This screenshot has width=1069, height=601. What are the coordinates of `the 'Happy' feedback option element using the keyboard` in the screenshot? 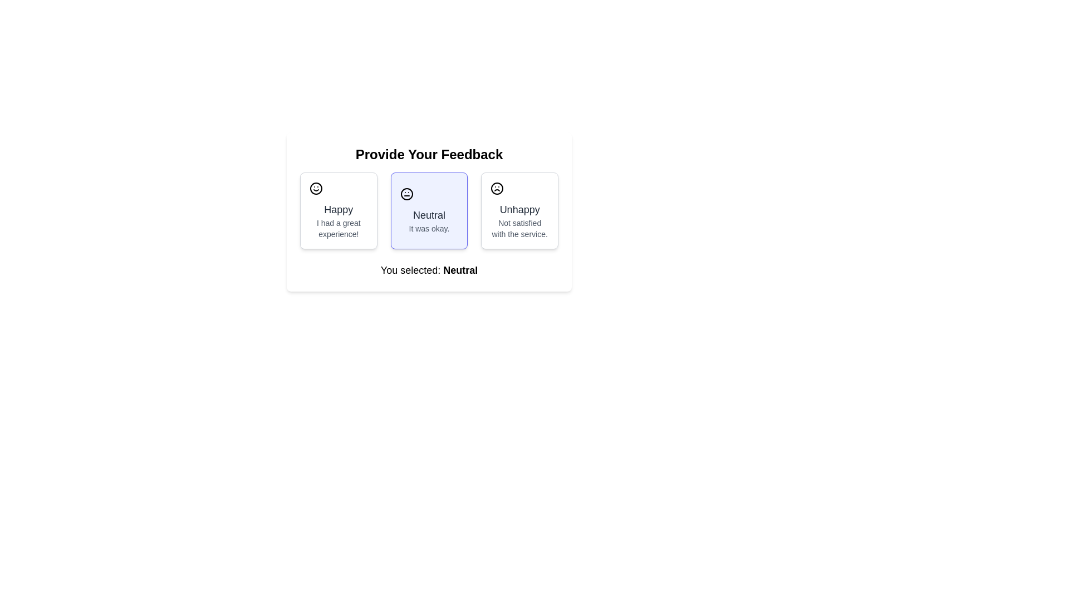 It's located at (338, 210).